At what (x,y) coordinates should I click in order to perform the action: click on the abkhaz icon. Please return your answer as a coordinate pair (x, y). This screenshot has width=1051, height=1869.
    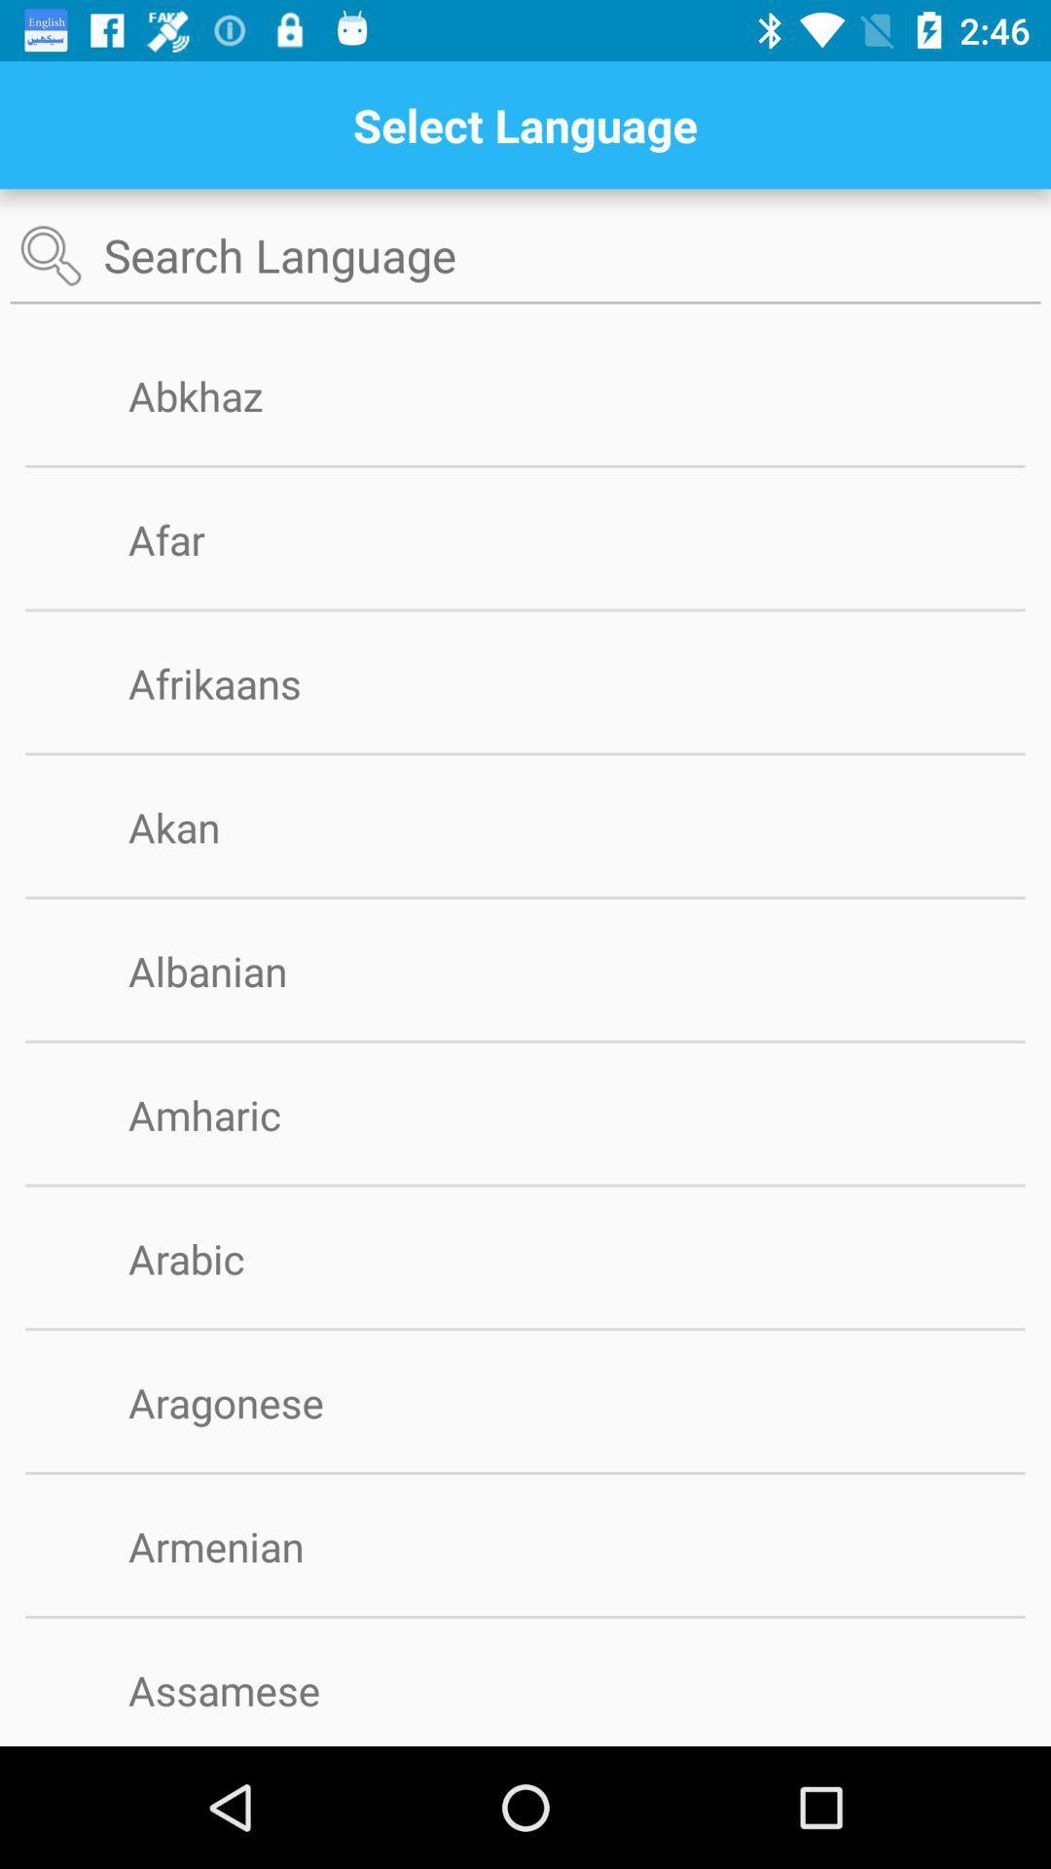
    Looking at the image, I should click on (227, 394).